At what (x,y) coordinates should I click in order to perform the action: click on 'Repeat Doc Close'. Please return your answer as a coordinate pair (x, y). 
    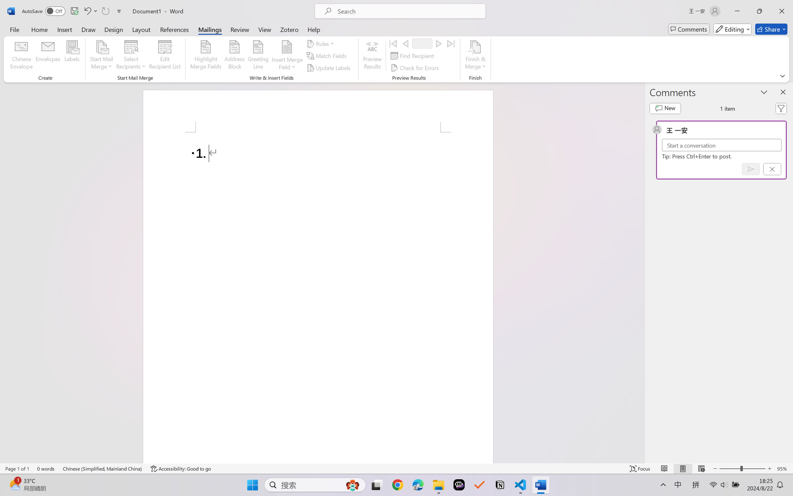
    Looking at the image, I should click on (105, 11).